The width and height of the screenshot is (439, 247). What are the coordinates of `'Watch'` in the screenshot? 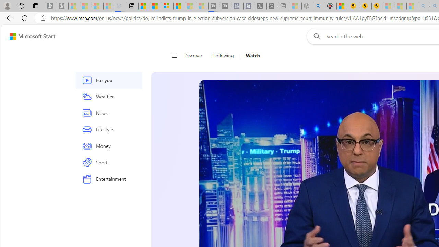 It's located at (252, 56).